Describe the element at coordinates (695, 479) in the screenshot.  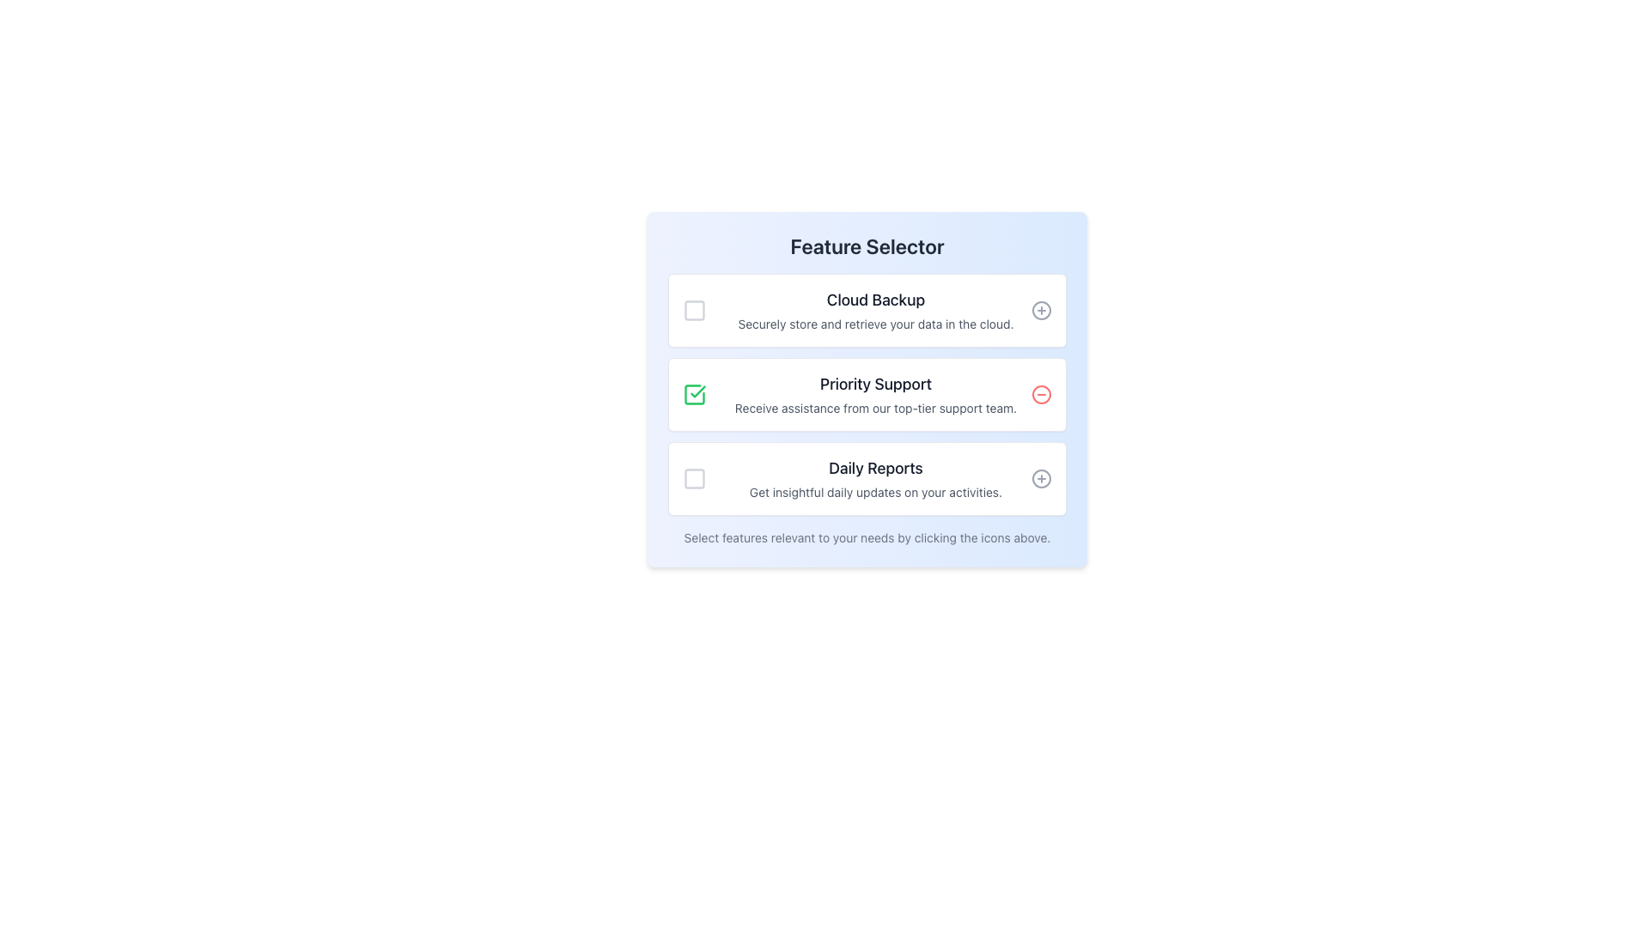
I see `the checkbox indicator for the 'Daily Reports' feature` at that location.